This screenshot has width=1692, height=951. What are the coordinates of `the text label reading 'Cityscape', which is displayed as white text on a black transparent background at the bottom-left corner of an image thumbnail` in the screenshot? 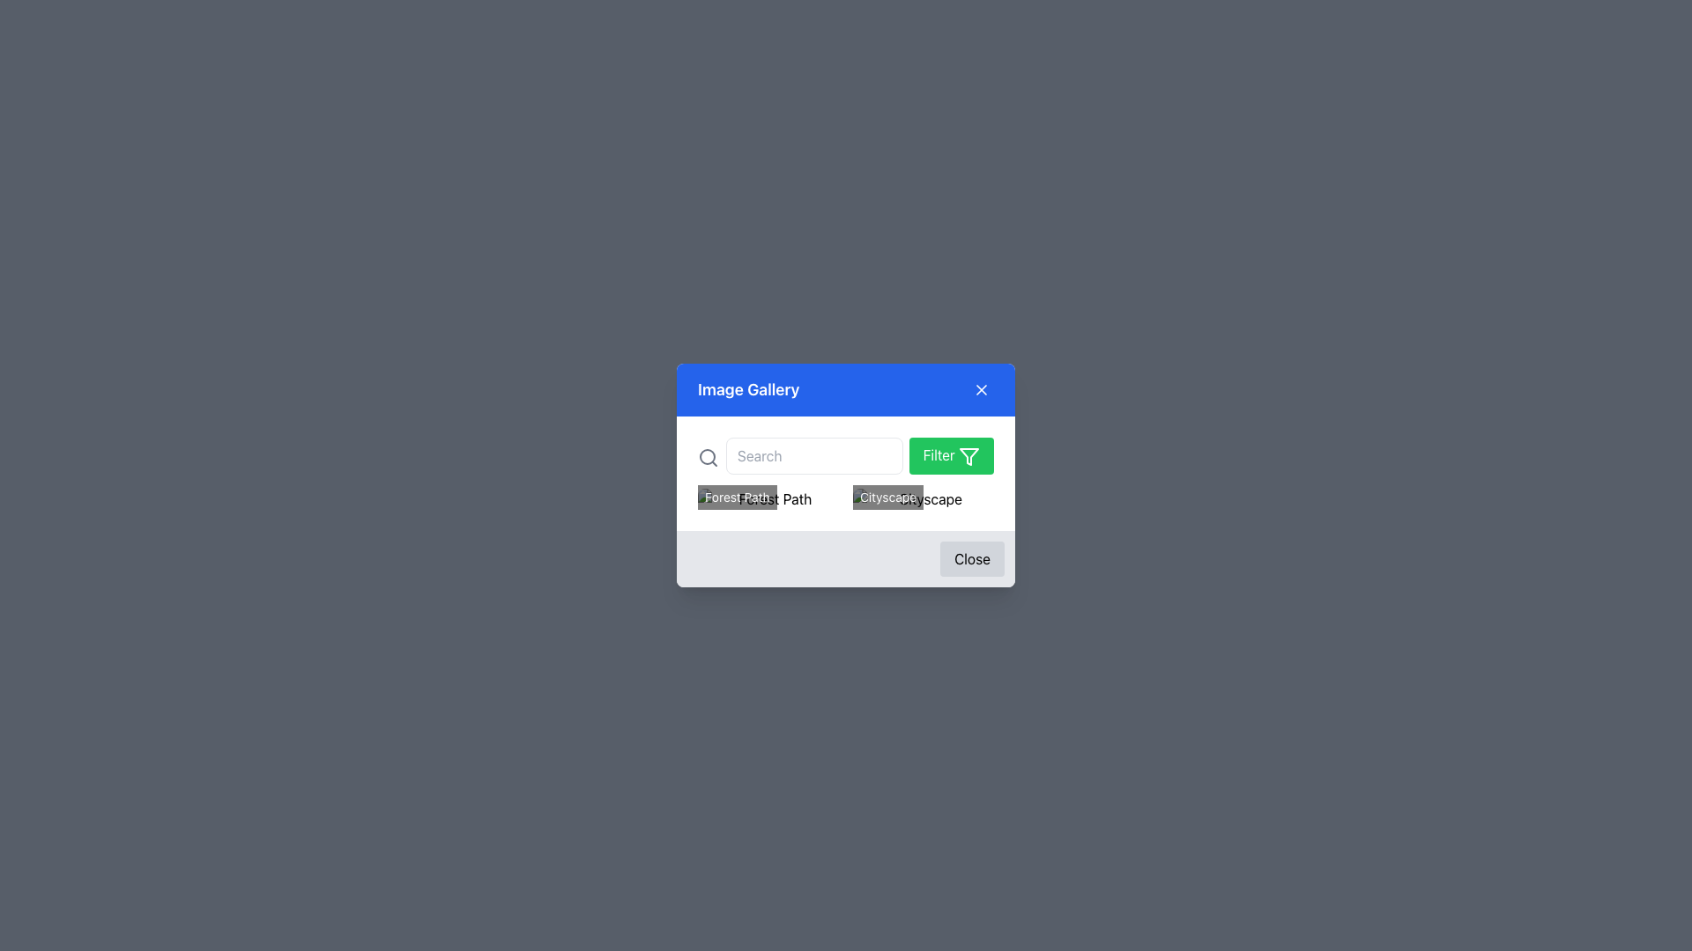 It's located at (888, 497).